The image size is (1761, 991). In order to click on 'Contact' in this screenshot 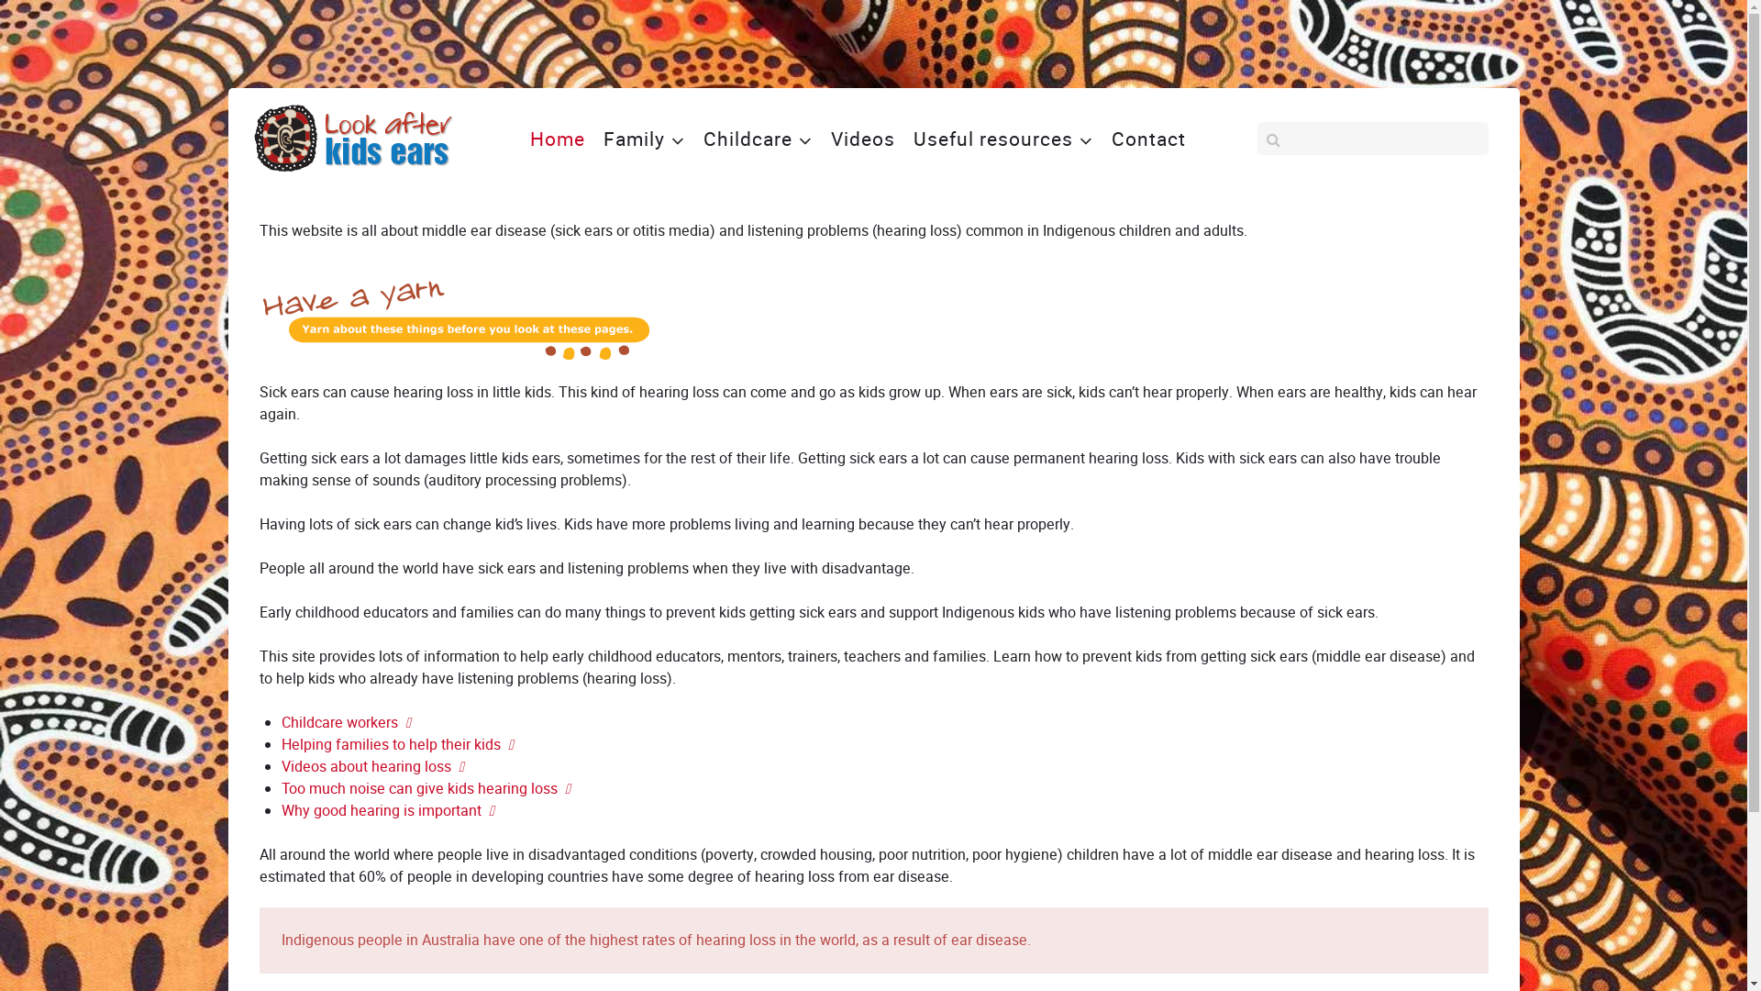, I will do `click(1103, 137)`.